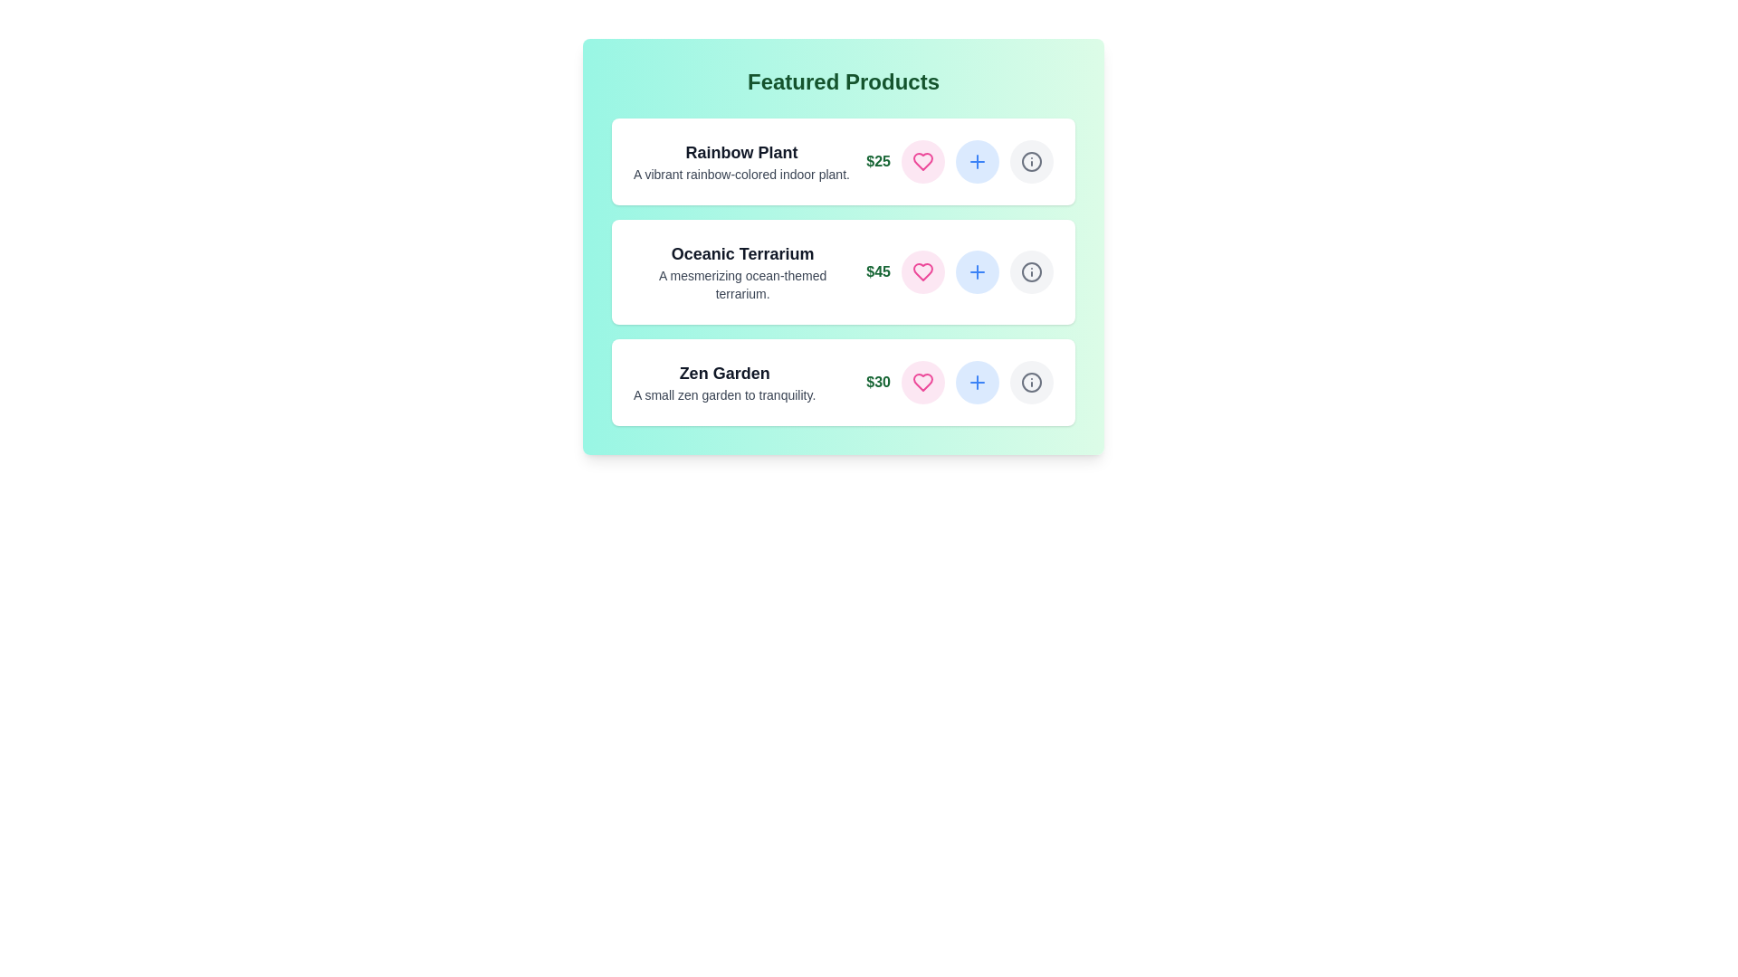 The image size is (1738, 977). I want to click on info button for the product named Zen Garden, so click(1032, 382).